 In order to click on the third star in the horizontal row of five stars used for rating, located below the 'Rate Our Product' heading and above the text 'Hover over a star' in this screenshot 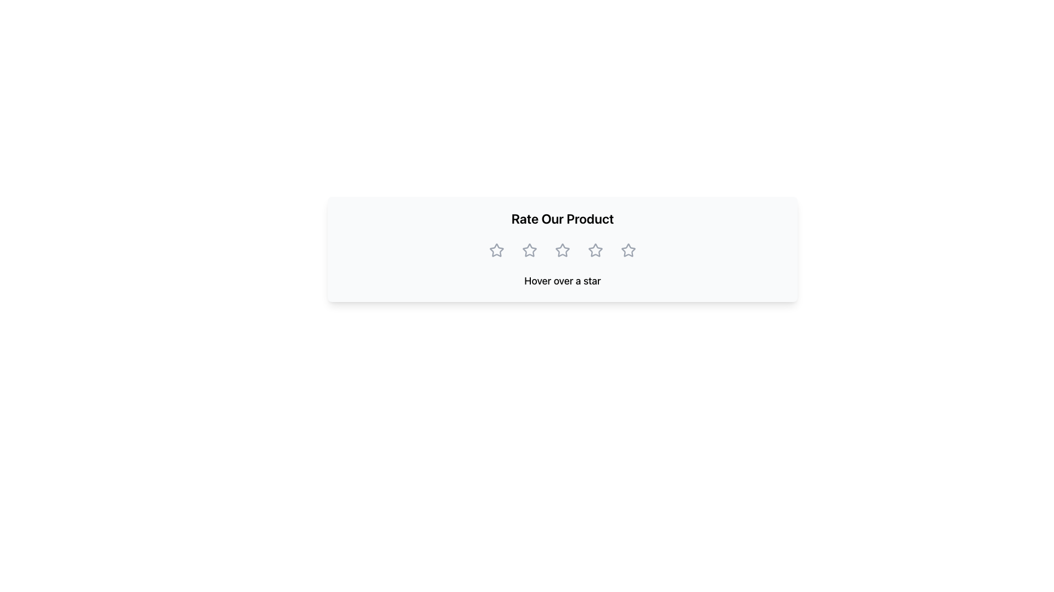, I will do `click(563, 250)`.